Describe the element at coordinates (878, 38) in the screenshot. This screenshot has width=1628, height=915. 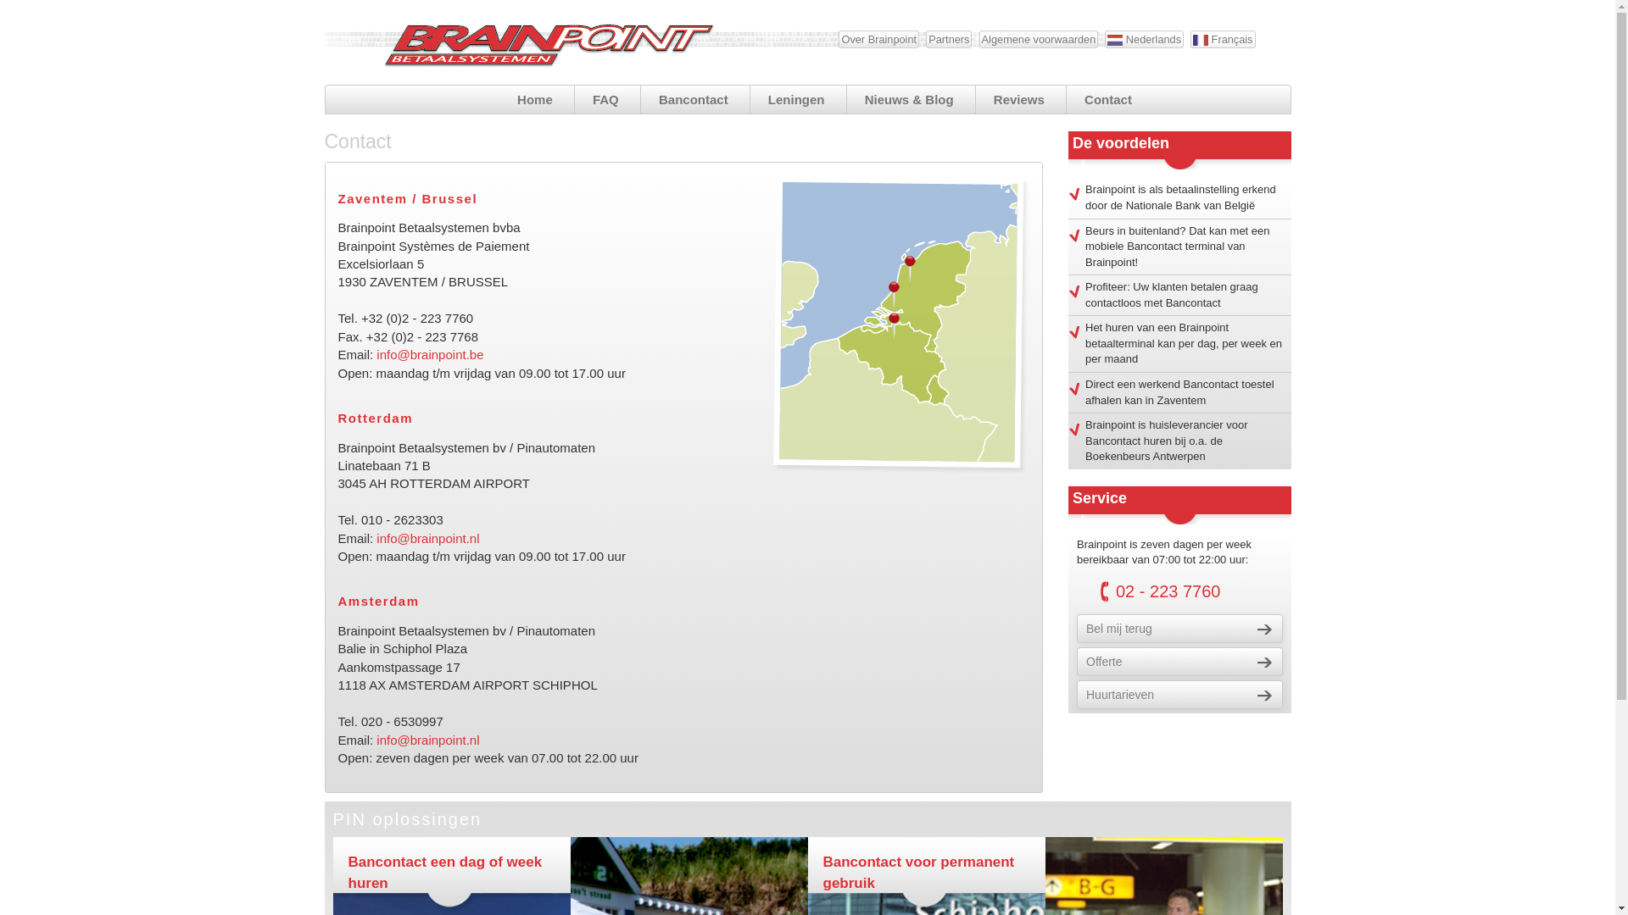
I see `'Over Brainpoint'` at that location.